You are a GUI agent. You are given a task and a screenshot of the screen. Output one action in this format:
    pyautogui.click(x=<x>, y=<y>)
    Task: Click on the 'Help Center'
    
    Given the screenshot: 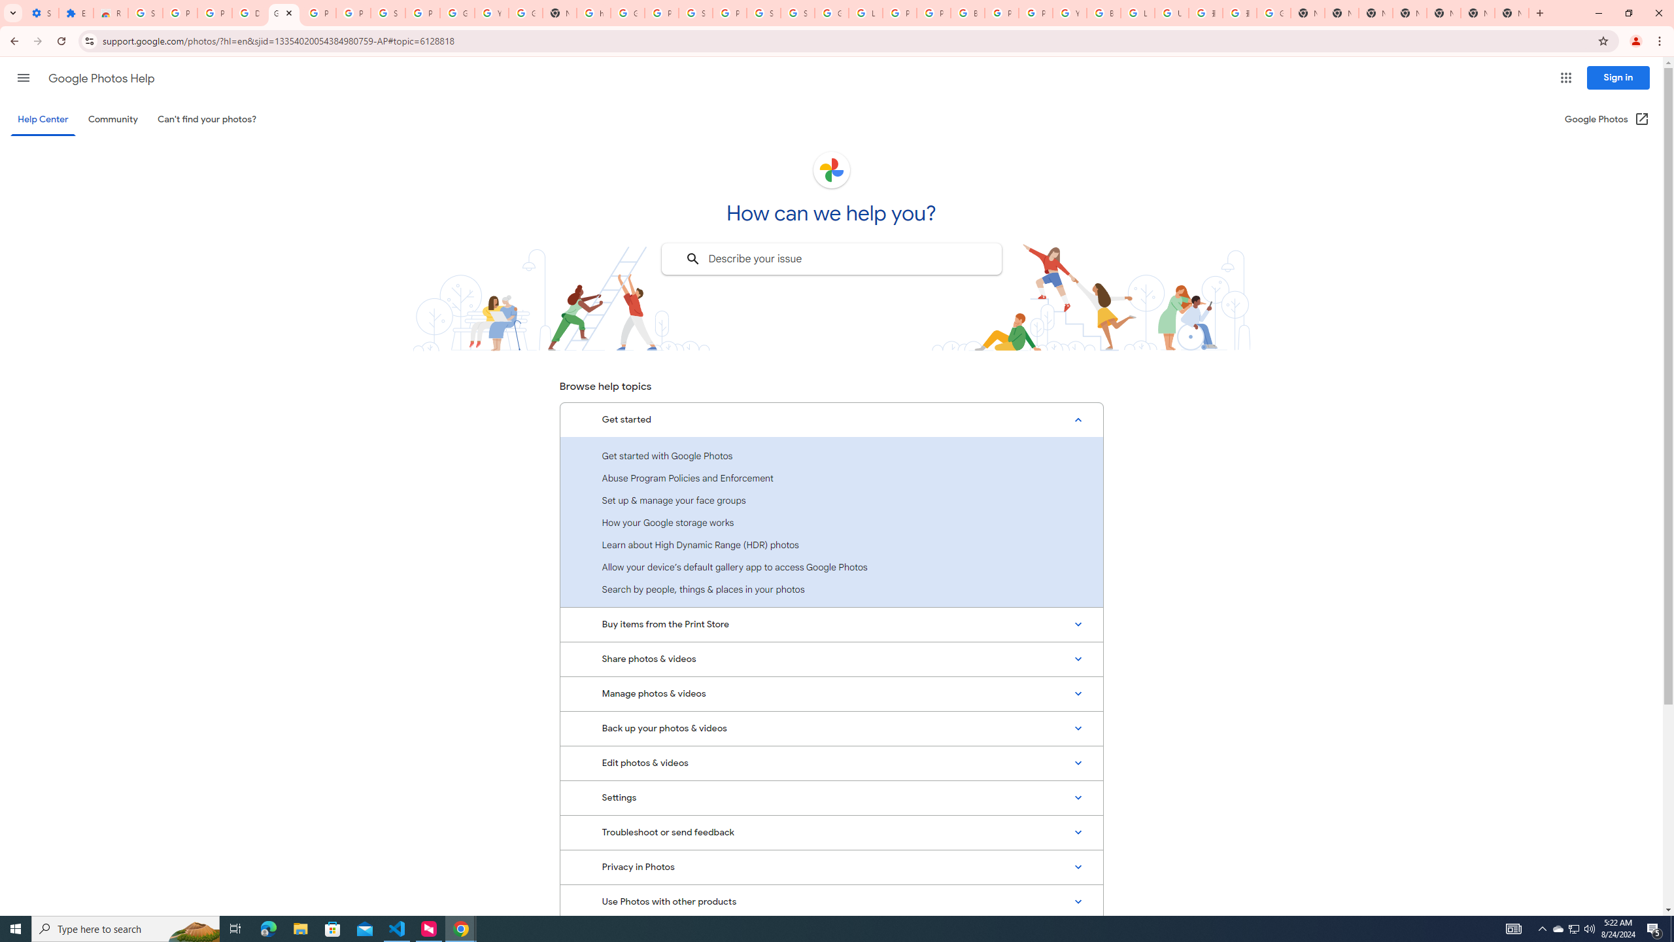 What is the action you would take?
    pyautogui.click(x=43, y=118)
    